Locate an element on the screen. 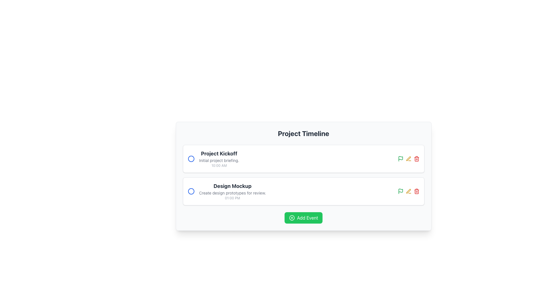 The width and height of the screenshot is (548, 308). the trash can icon button located in the 'Design Mockup' task panel, which is red in color and positioned as the rightmost icon in a horizontal set of interactive icons is located at coordinates (416, 191).